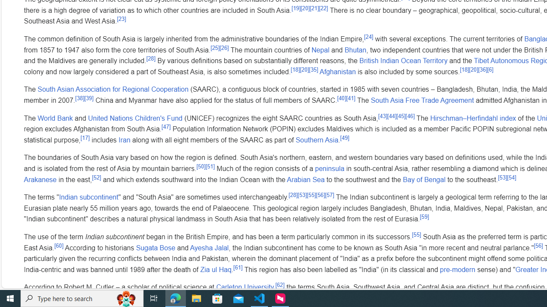 The width and height of the screenshot is (547, 307). What do you see at coordinates (112, 89) in the screenshot?
I see `'South Asian Association for Regional Cooperation'` at bounding box center [112, 89].